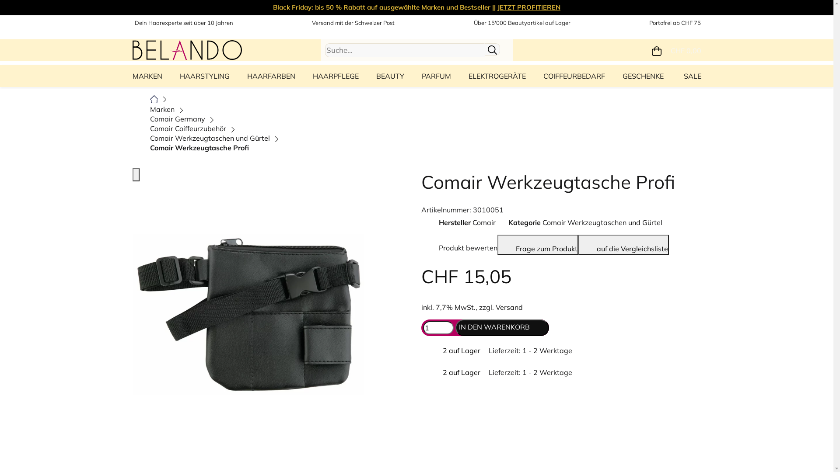 Image resolution: width=840 pixels, height=472 pixels. I want to click on 'Frage zum Produkt', so click(497, 244).